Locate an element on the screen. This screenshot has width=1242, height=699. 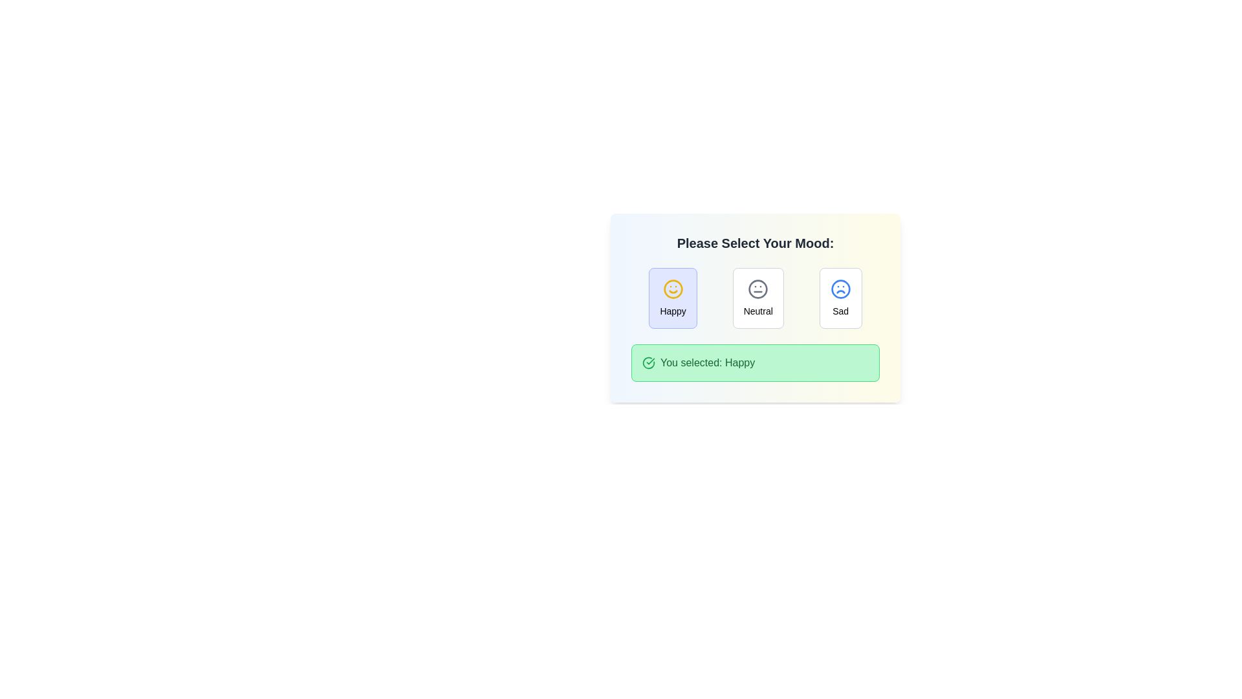
the confirmation icon located within the green notification box beside the text 'You selected: Happy' to interact with its underlying functionality is located at coordinates (649, 362).